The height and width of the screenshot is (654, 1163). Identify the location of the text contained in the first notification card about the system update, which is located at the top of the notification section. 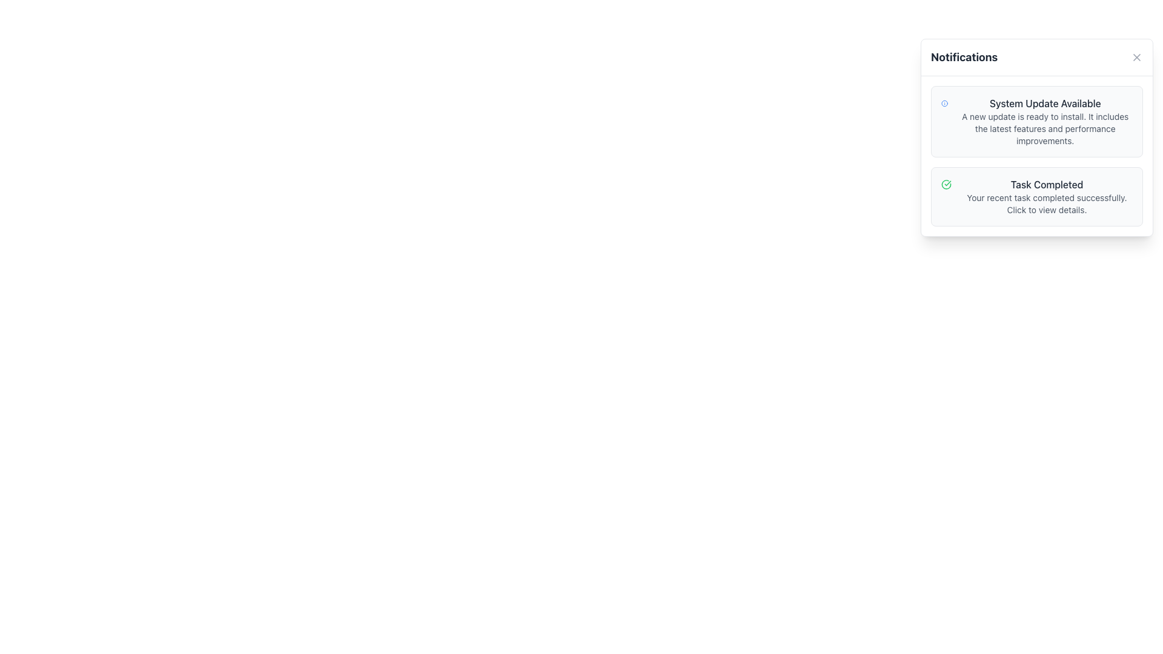
(1036, 121).